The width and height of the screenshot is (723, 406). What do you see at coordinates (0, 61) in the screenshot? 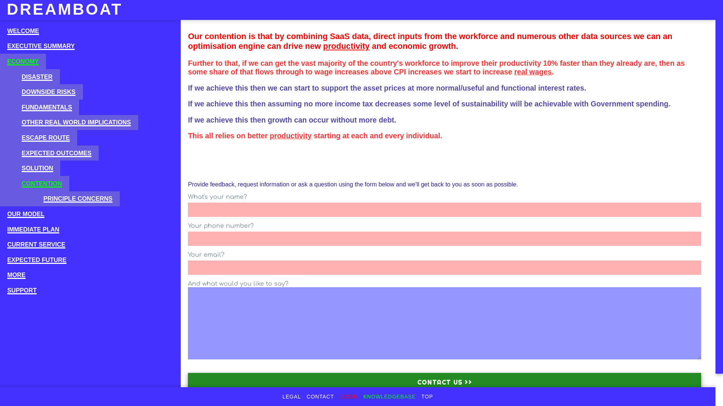
I see `'ECONOMY'` at bounding box center [0, 61].